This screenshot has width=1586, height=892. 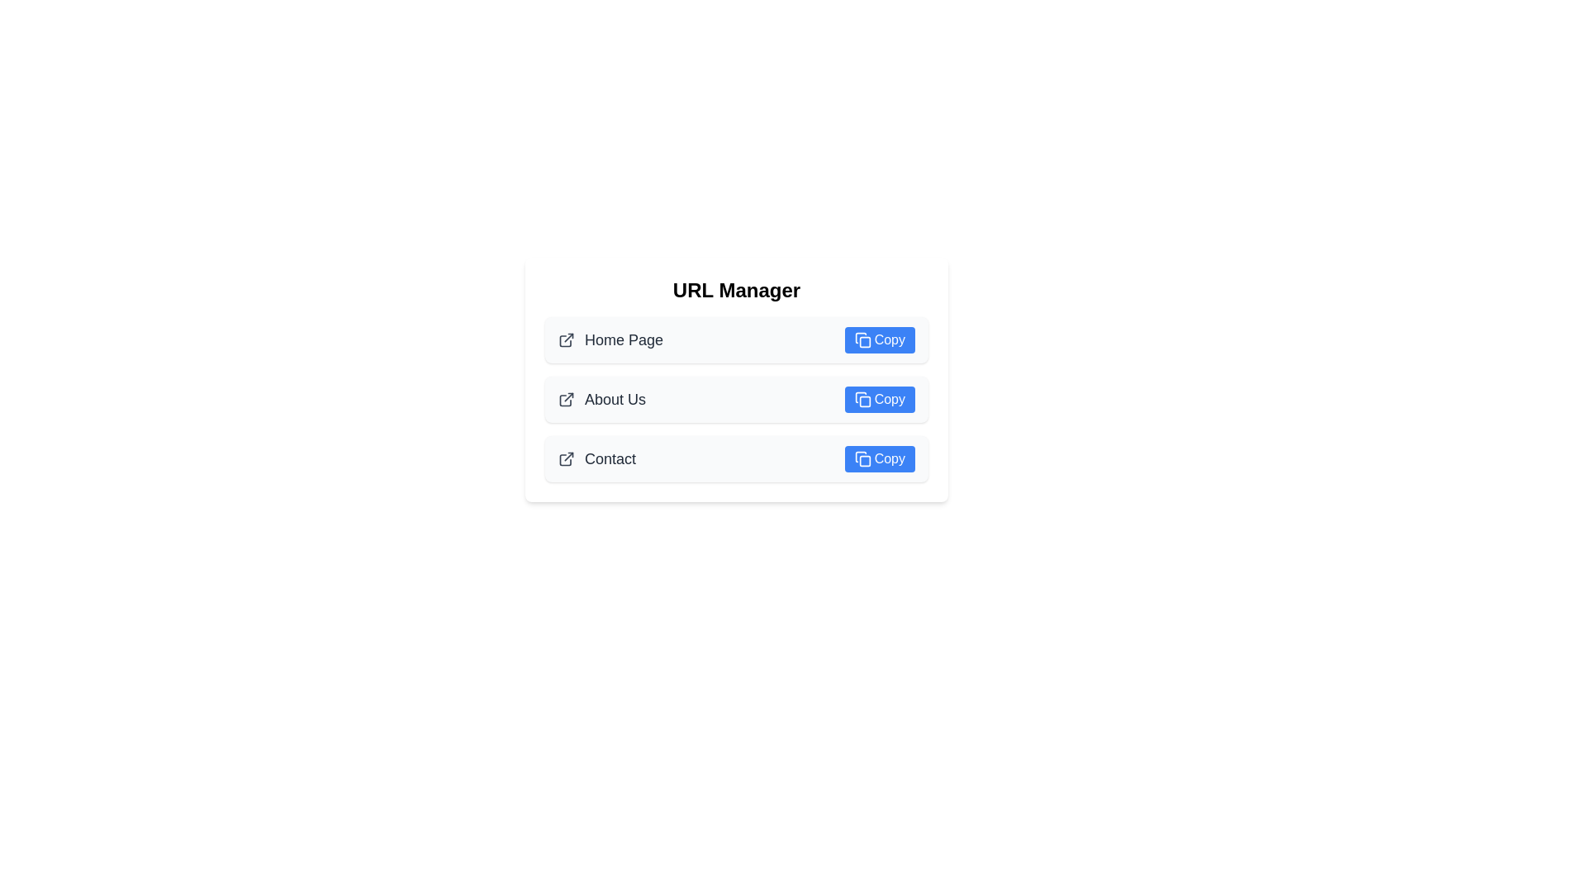 What do you see at coordinates (864, 341) in the screenshot?
I see `the rectangular portion of the copy functionality icon, which is located at the center of the icon` at bounding box center [864, 341].